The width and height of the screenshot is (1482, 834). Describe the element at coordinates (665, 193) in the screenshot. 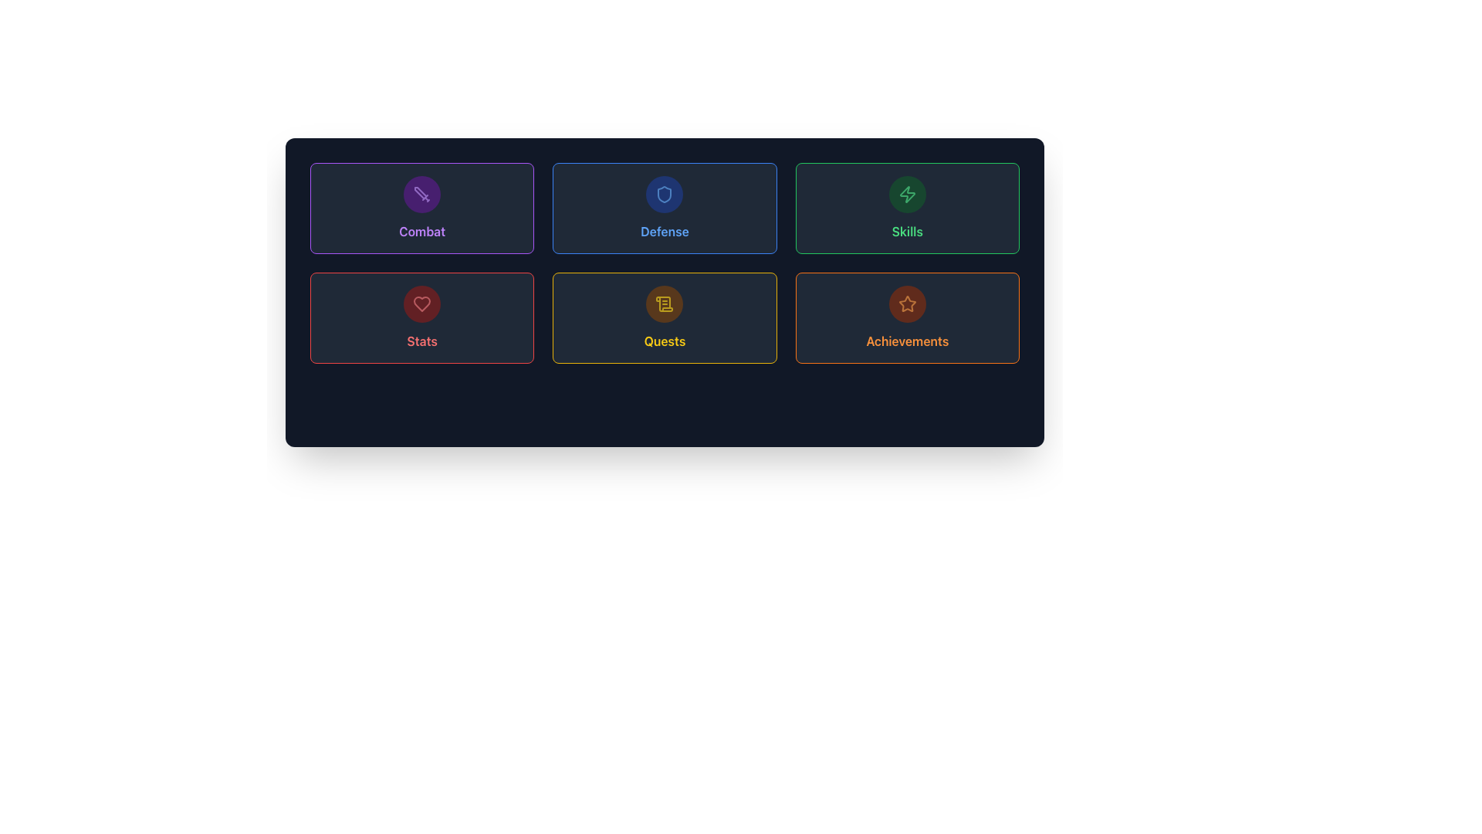

I see `the shield SVG icon, which is outlined with a blue stroke and located in the second cell of the top row labeled 'Defense'` at that location.